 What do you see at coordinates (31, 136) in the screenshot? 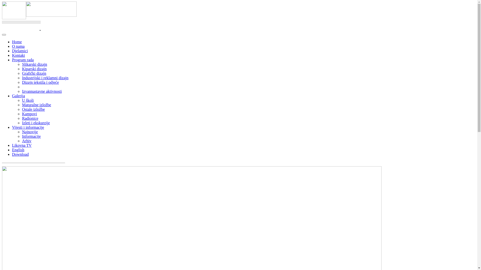
I see `'Informacije'` at bounding box center [31, 136].